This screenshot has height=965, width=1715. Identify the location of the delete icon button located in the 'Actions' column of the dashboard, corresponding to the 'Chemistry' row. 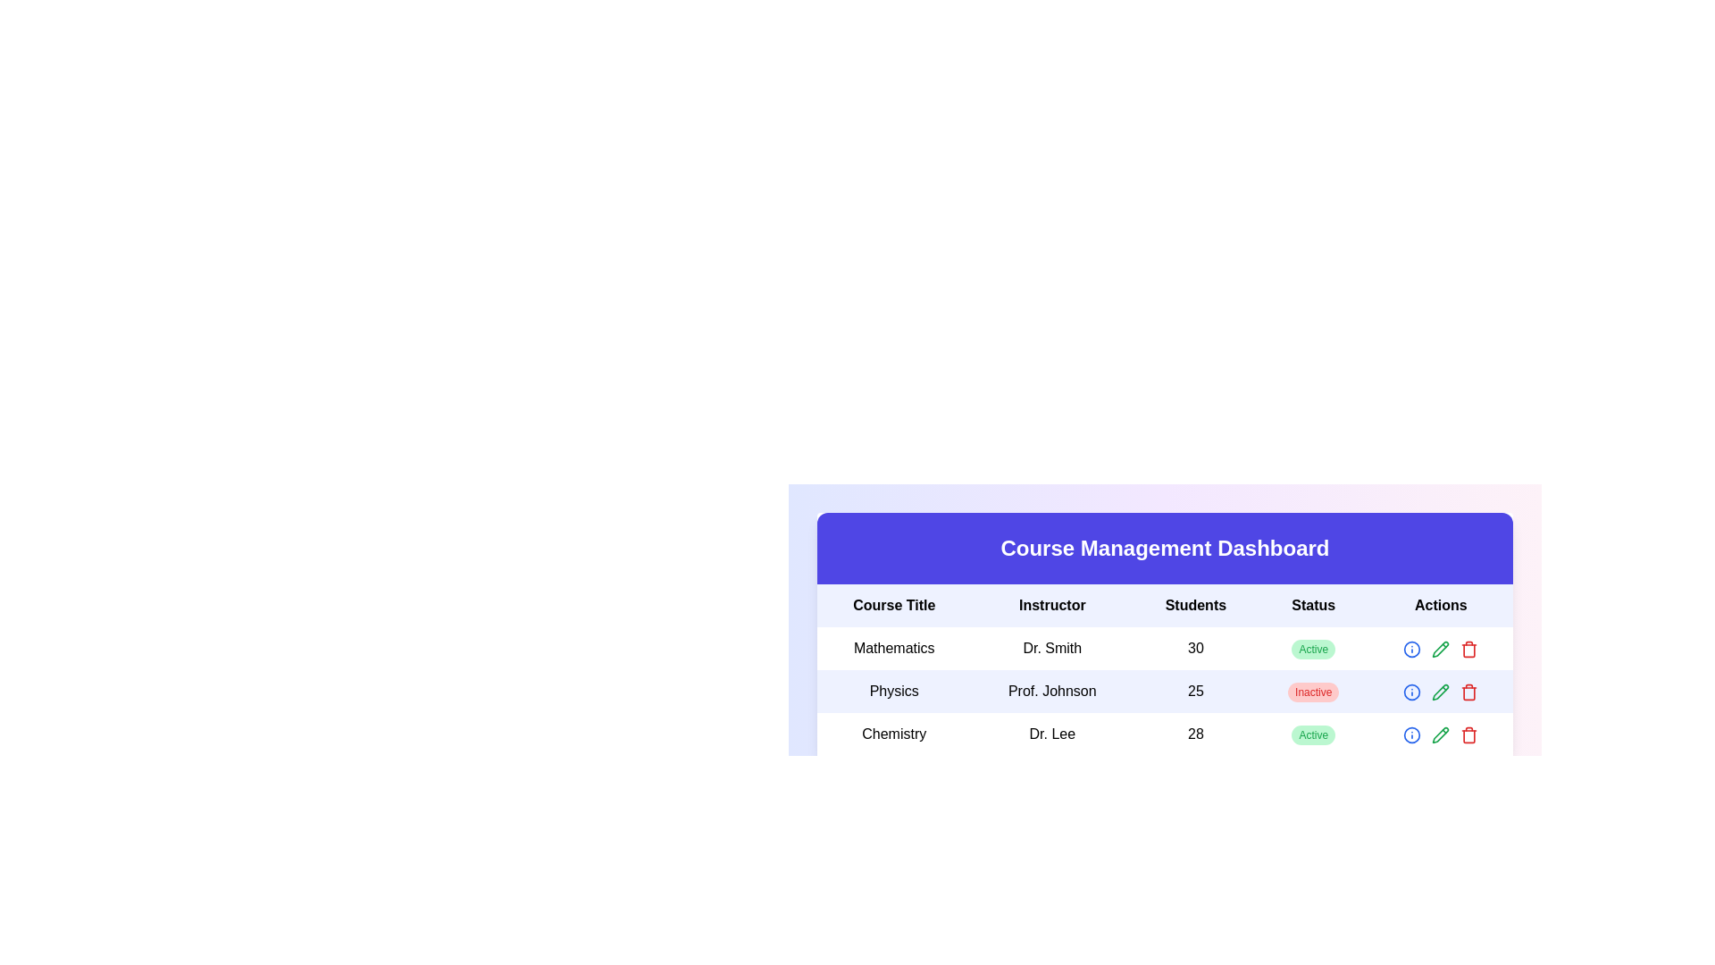
(1469, 734).